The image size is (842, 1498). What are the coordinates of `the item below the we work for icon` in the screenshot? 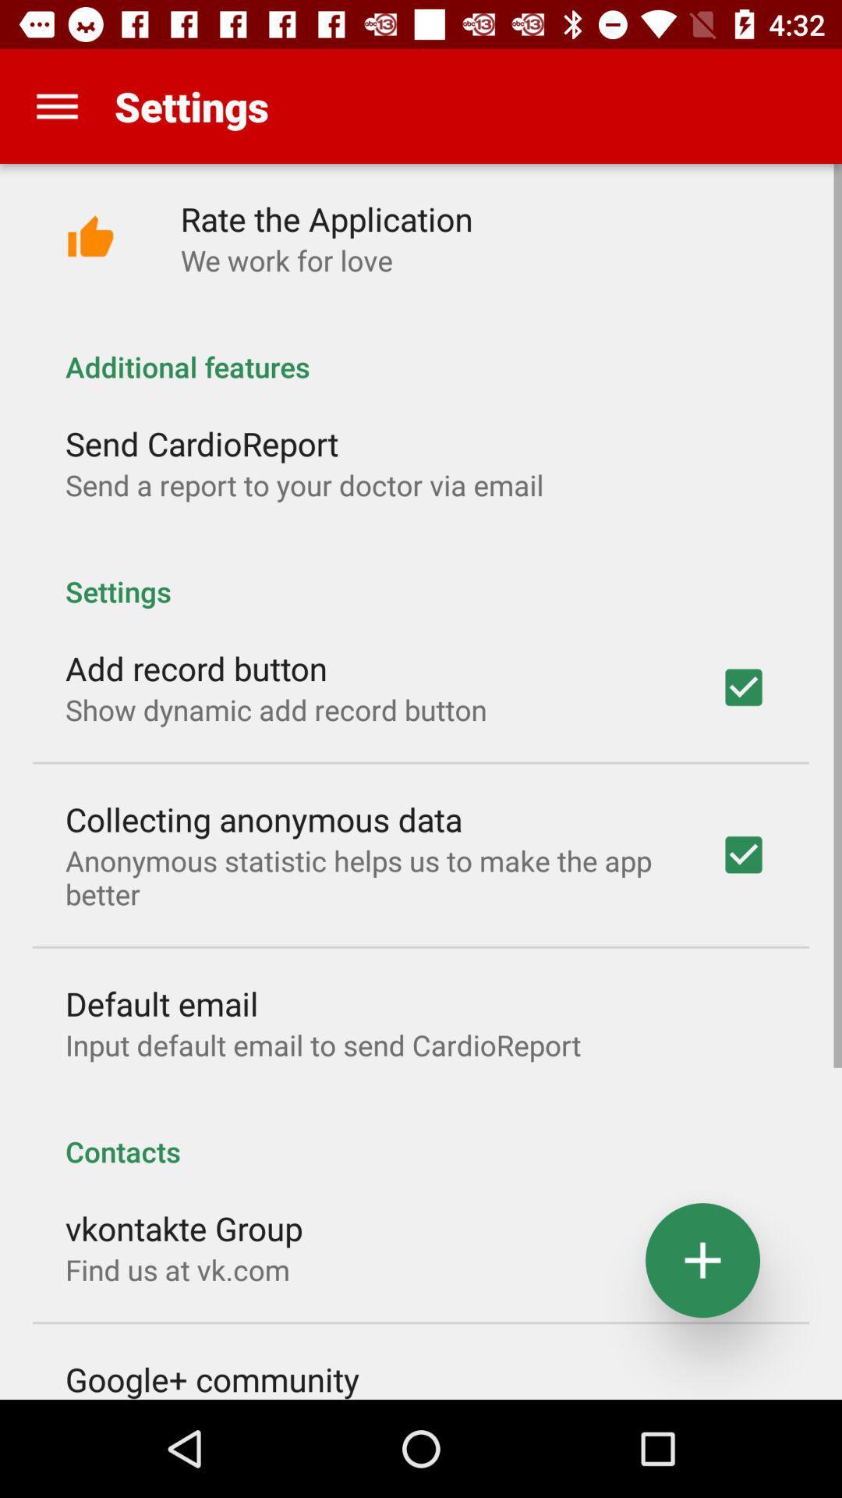 It's located at (421, 350).